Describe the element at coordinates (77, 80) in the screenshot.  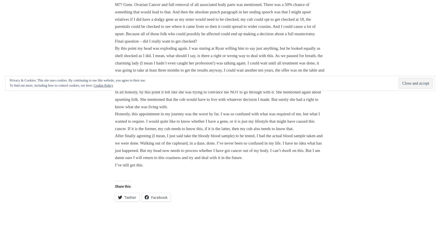
I see `'Privacy & Cookies: This site uses cookies. By continuing to use this website, you agree to their use.'` at that location.